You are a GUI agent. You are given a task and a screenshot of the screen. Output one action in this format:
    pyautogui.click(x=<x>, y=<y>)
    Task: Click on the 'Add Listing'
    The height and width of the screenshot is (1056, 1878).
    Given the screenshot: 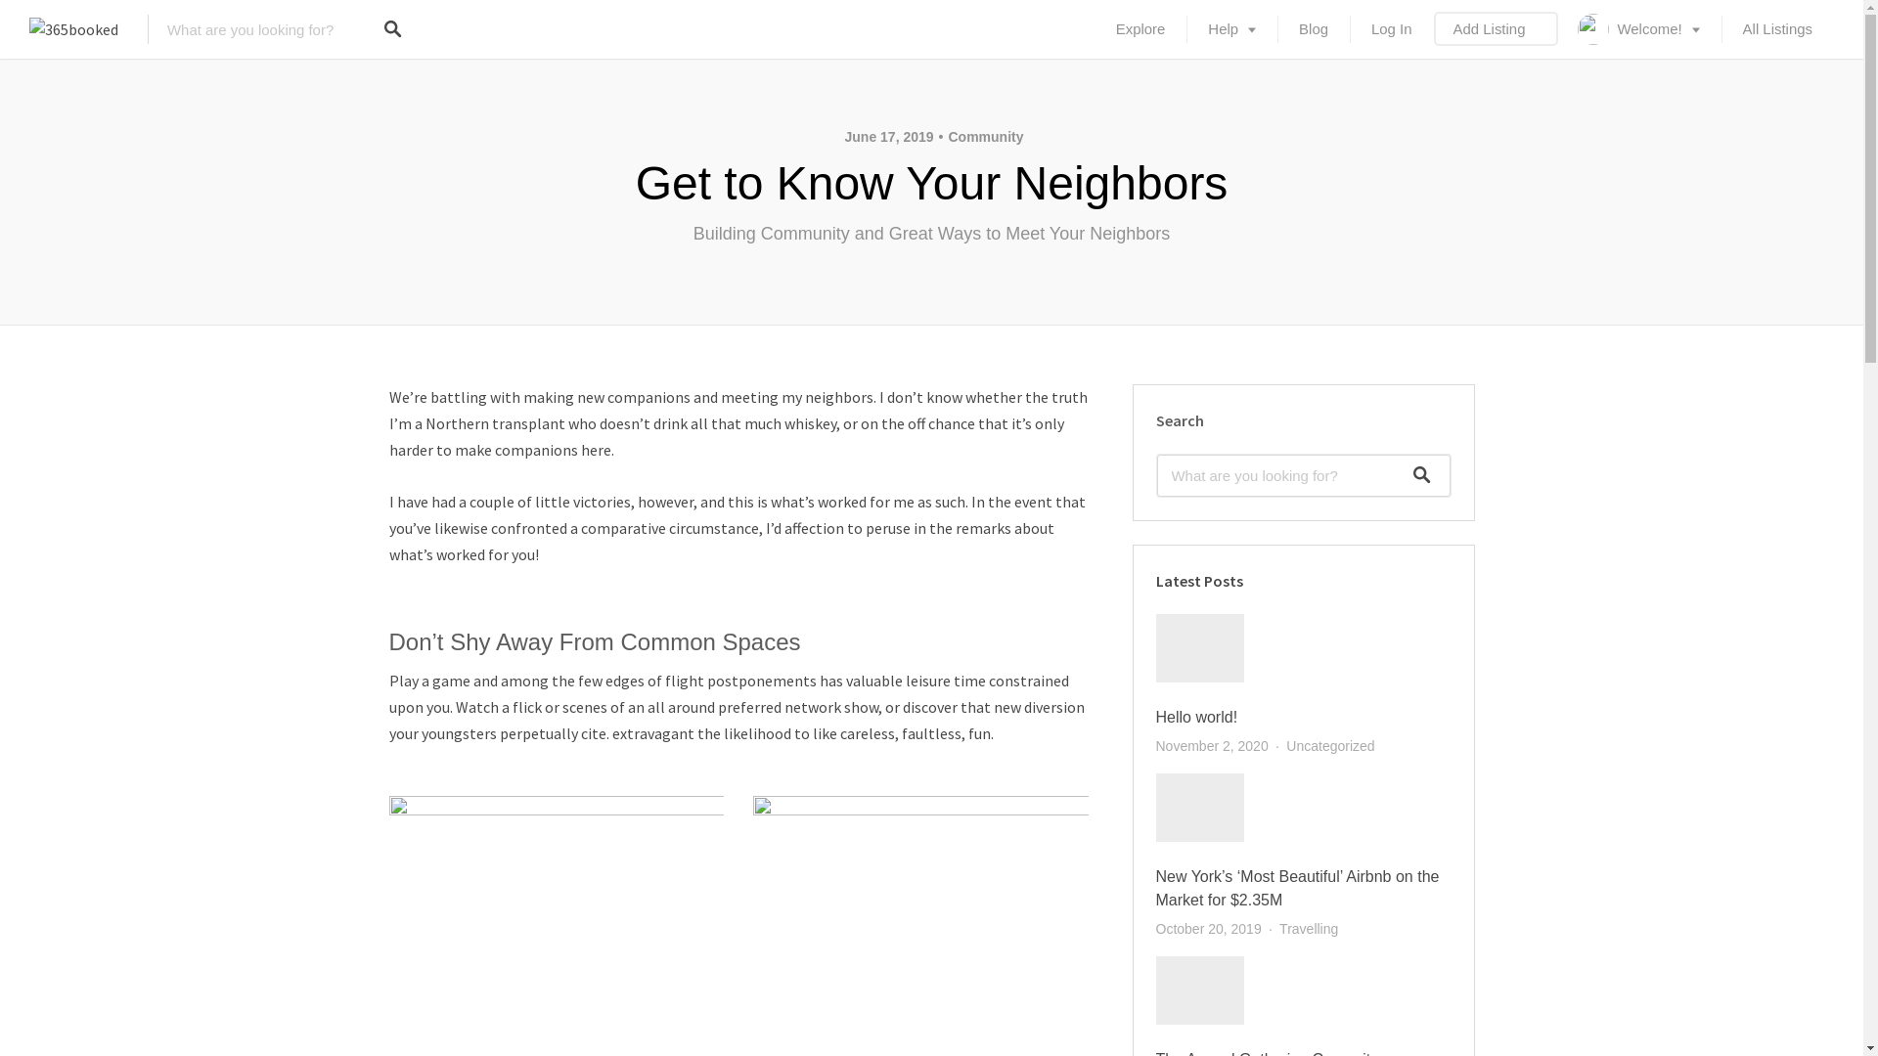 What is the action you would take?
    pyautogui.click(x=1496, y=28)
    